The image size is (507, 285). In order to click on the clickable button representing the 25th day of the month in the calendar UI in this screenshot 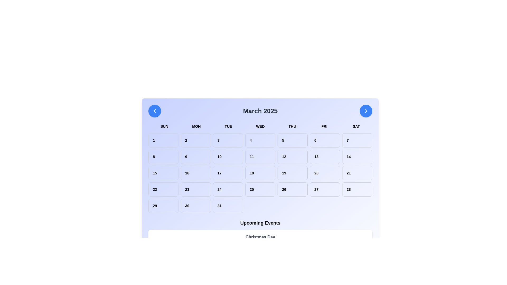, I will do `click(260, 189)`.